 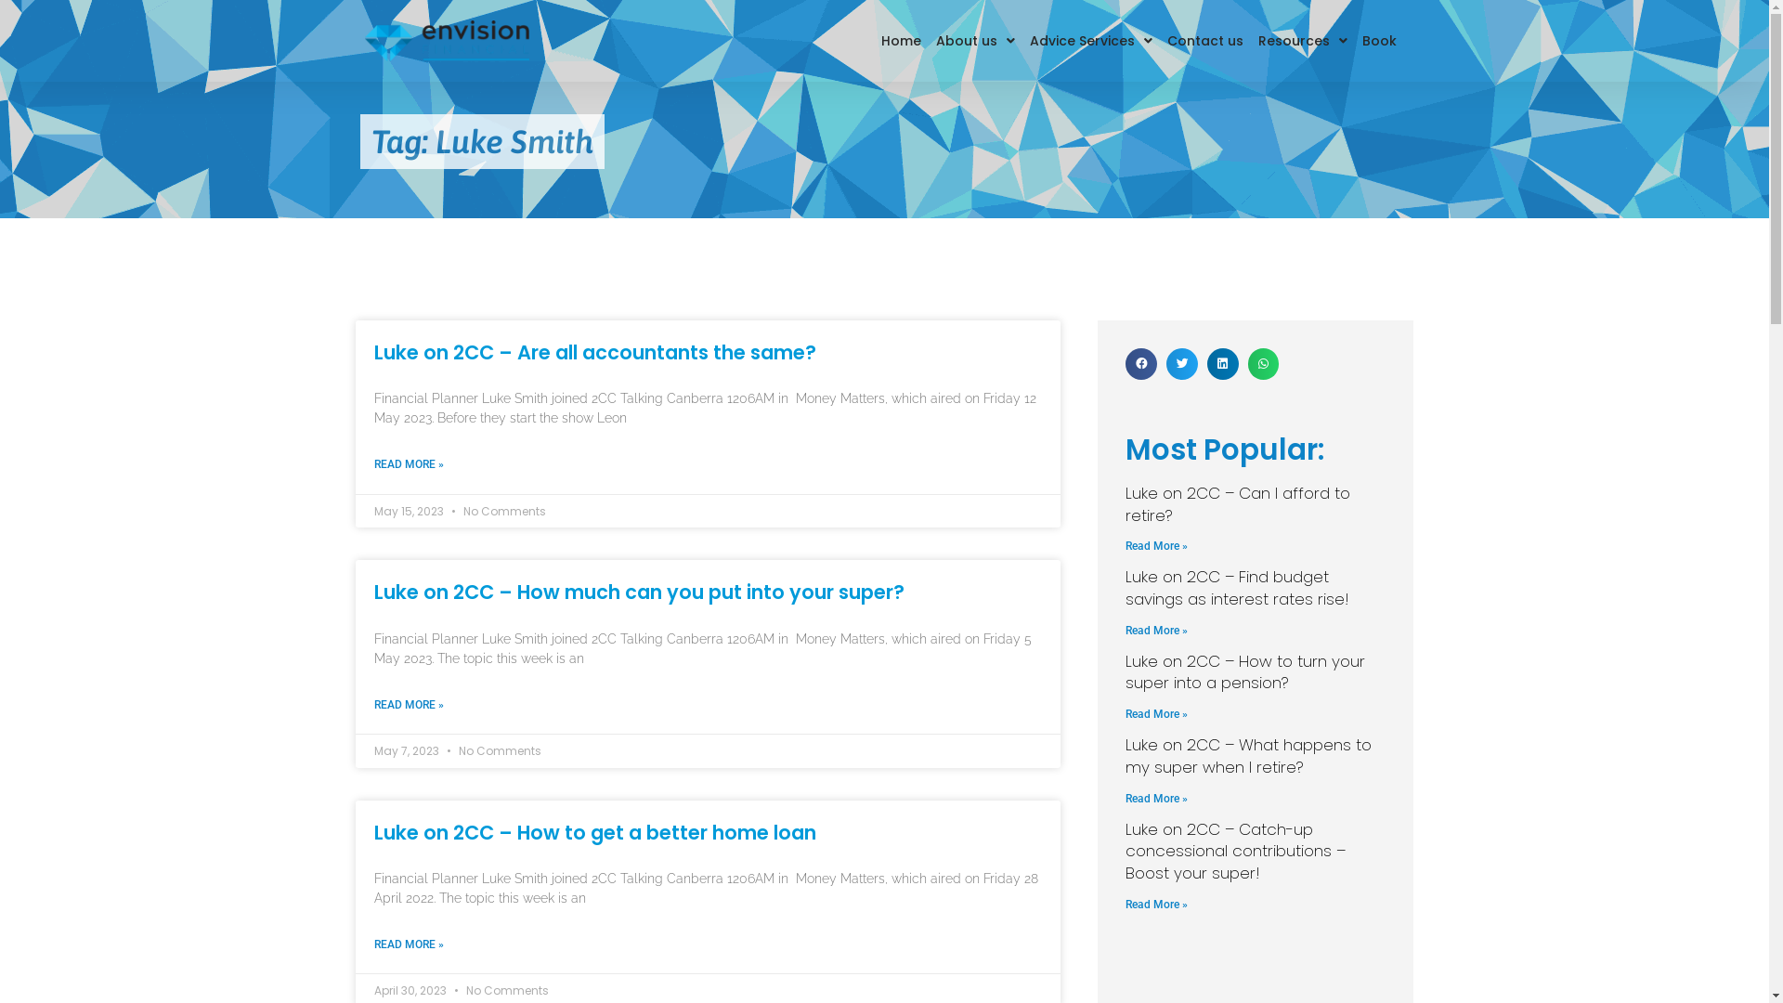 I want to click on 'About us', so click(x=974, y=40).